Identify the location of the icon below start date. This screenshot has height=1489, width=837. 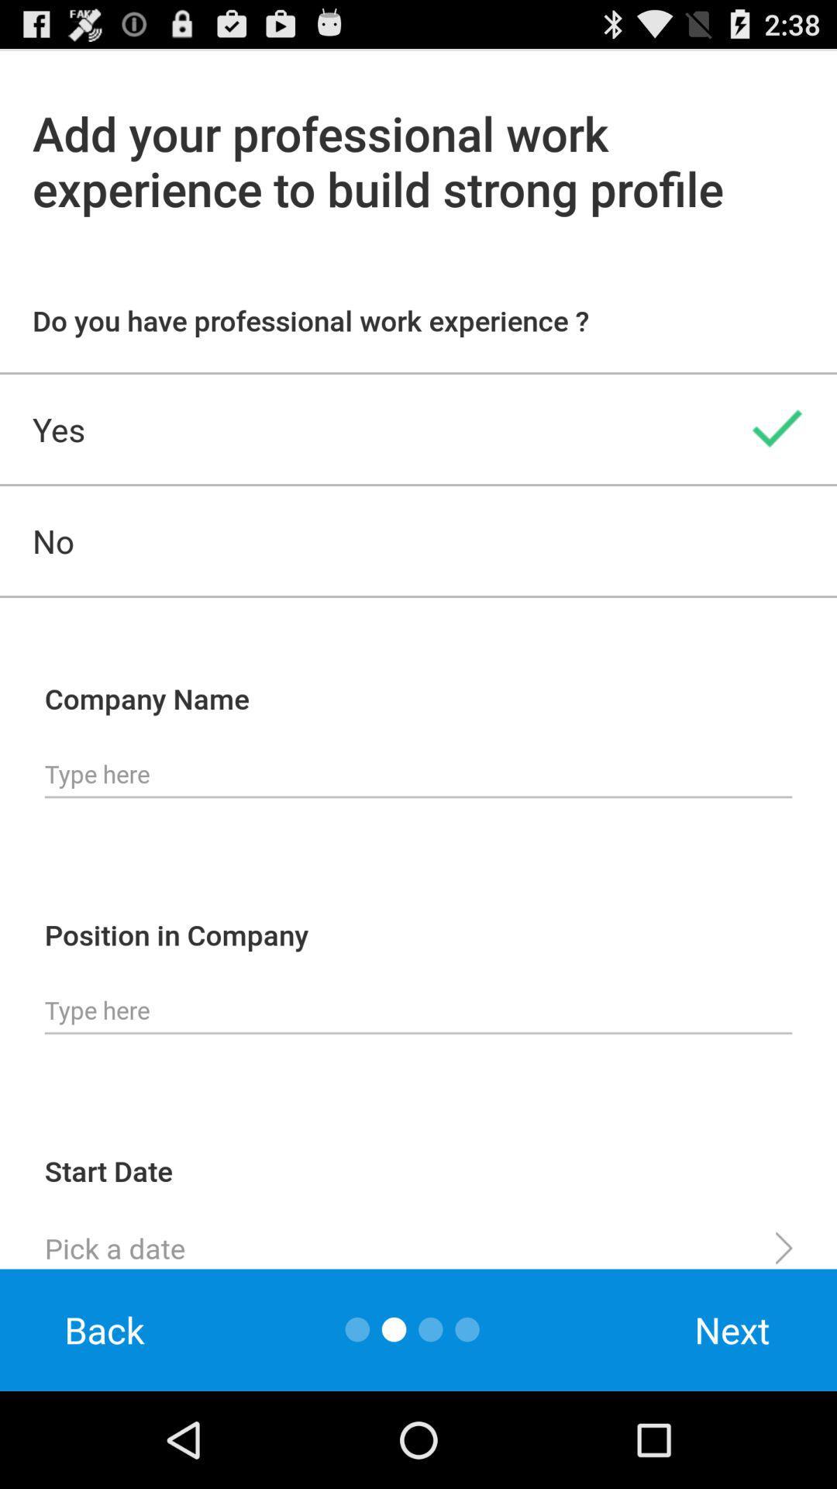
(418, 1242).